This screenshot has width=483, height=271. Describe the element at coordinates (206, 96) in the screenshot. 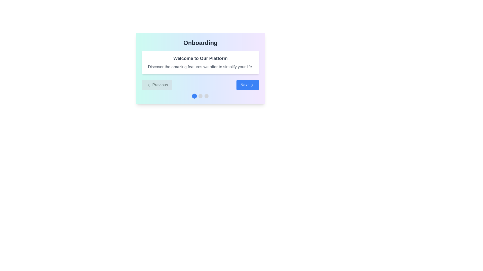

I see `the third Circle indicator for pagination located directly under the 'Welcome to Our Platform' section` at that location.